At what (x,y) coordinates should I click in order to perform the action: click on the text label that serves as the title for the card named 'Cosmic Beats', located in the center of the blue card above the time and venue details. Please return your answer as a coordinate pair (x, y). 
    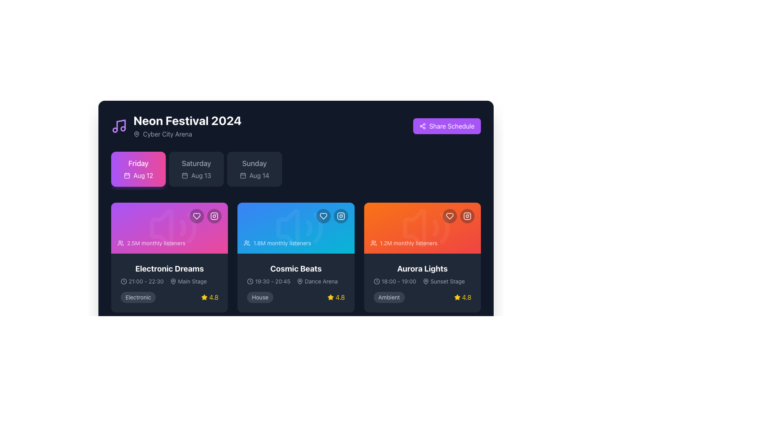
    Looking at the image, I should click on (296, 269).